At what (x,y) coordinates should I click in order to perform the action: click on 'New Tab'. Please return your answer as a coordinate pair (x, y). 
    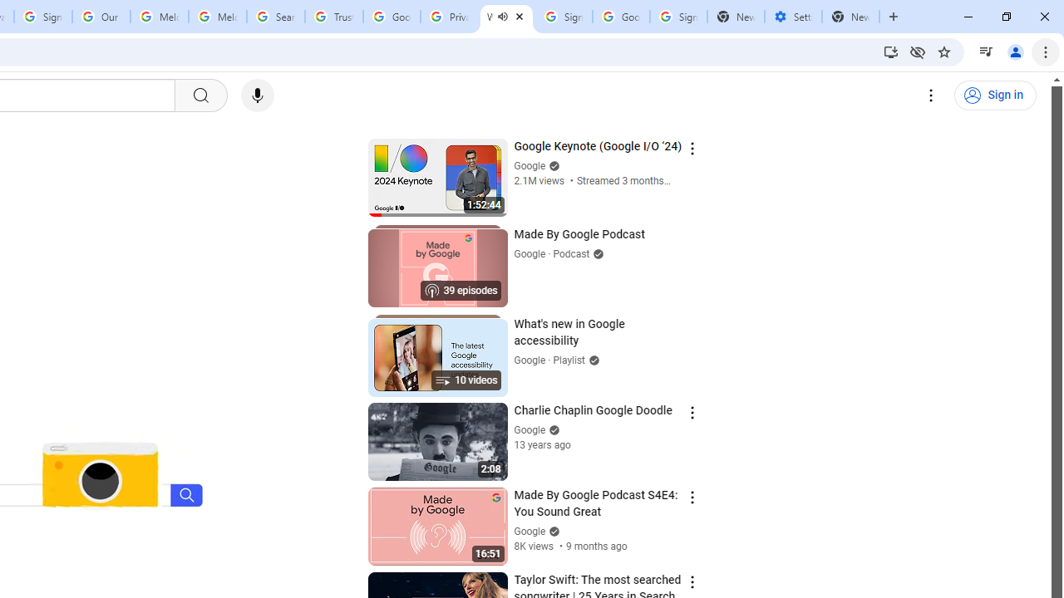
    Looking at the image, I should click on (851, 17).